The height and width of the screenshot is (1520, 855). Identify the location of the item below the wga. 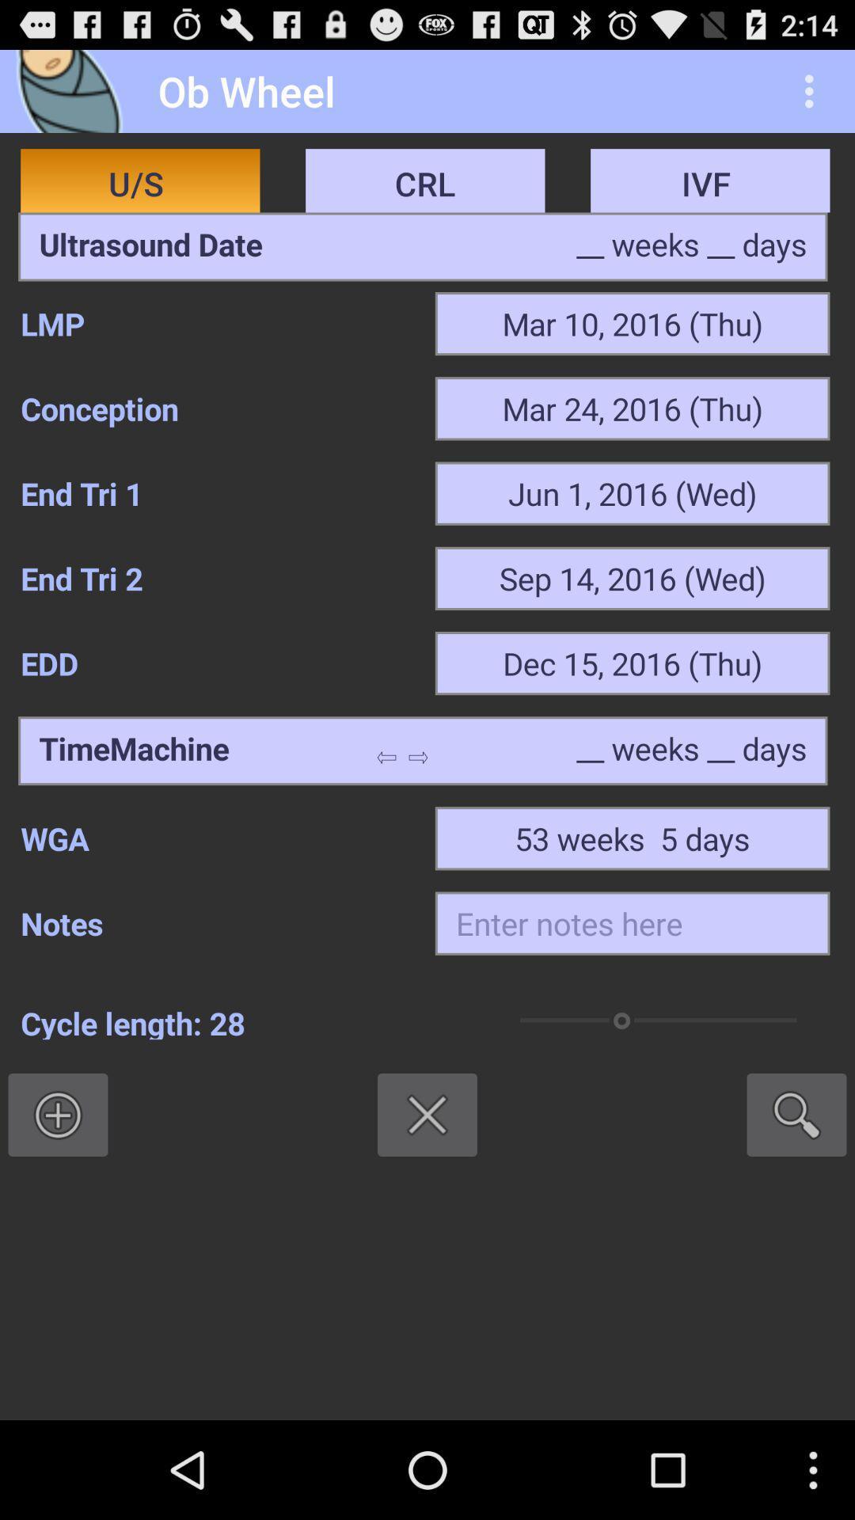
(632, 923).